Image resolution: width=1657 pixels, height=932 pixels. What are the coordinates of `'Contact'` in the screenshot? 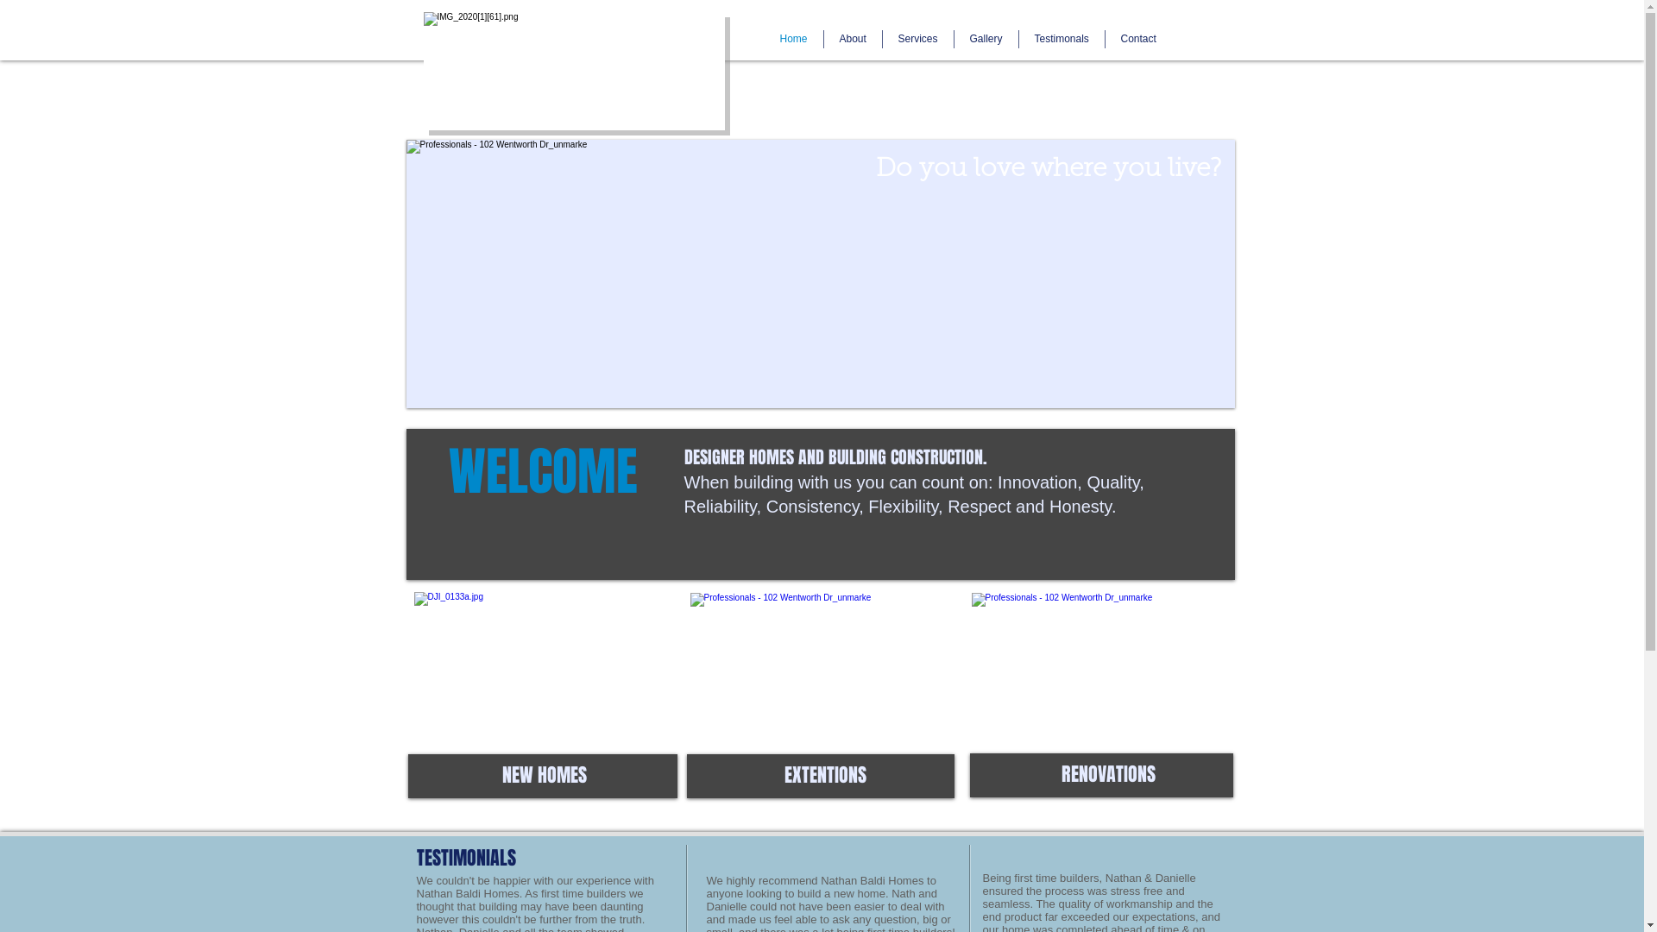 It's located at (1105, 39).